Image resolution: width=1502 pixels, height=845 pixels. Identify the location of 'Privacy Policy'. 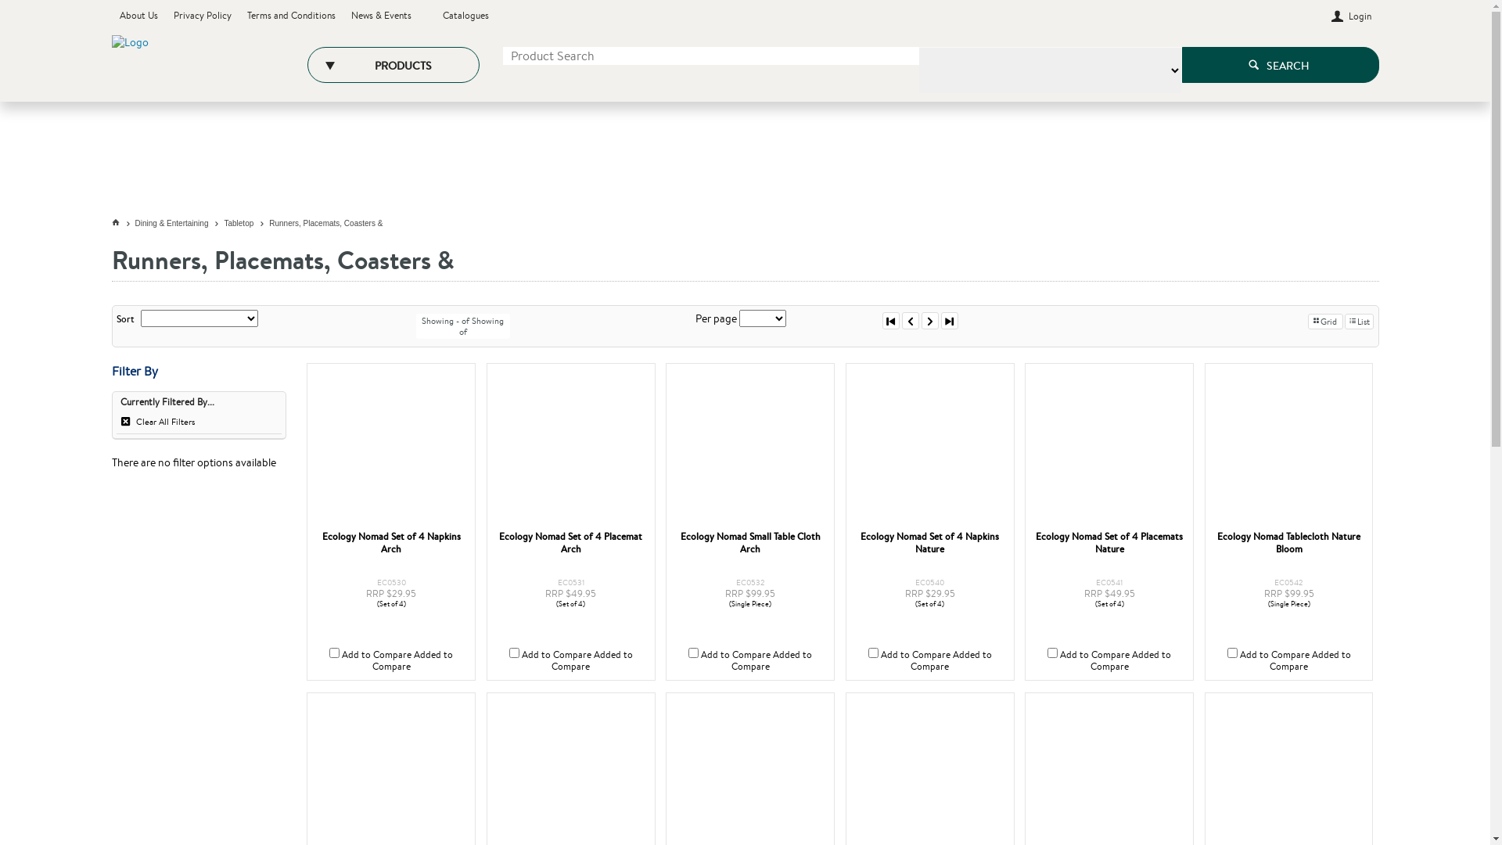
(202, 15).